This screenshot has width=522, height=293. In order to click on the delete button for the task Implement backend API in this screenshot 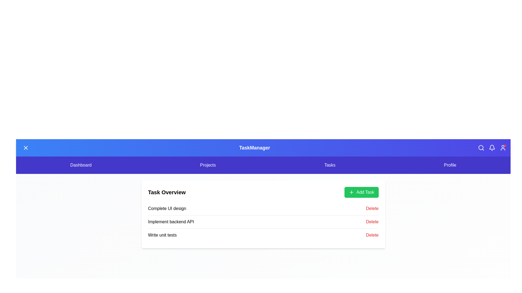, I will do `click(372, 222)`.